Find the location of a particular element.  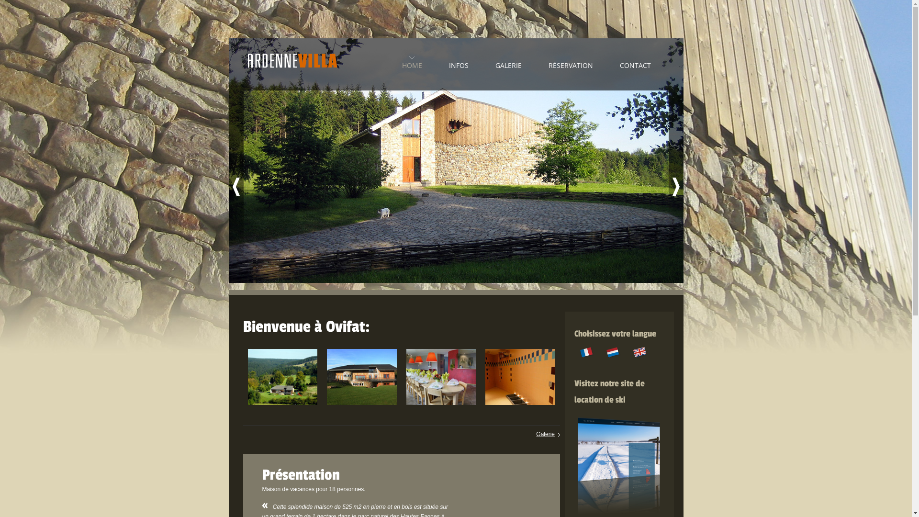

'Ardenne Villa' is located at coordinates (292, 65).